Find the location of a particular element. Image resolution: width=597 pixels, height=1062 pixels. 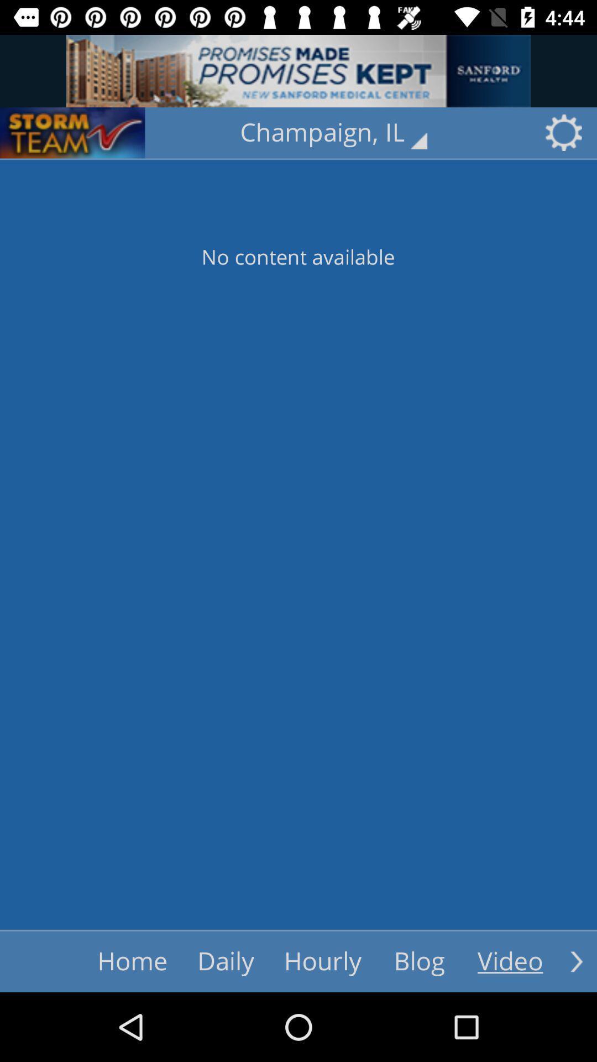

the arrow_forward icon is located at coordinates (576, 961).